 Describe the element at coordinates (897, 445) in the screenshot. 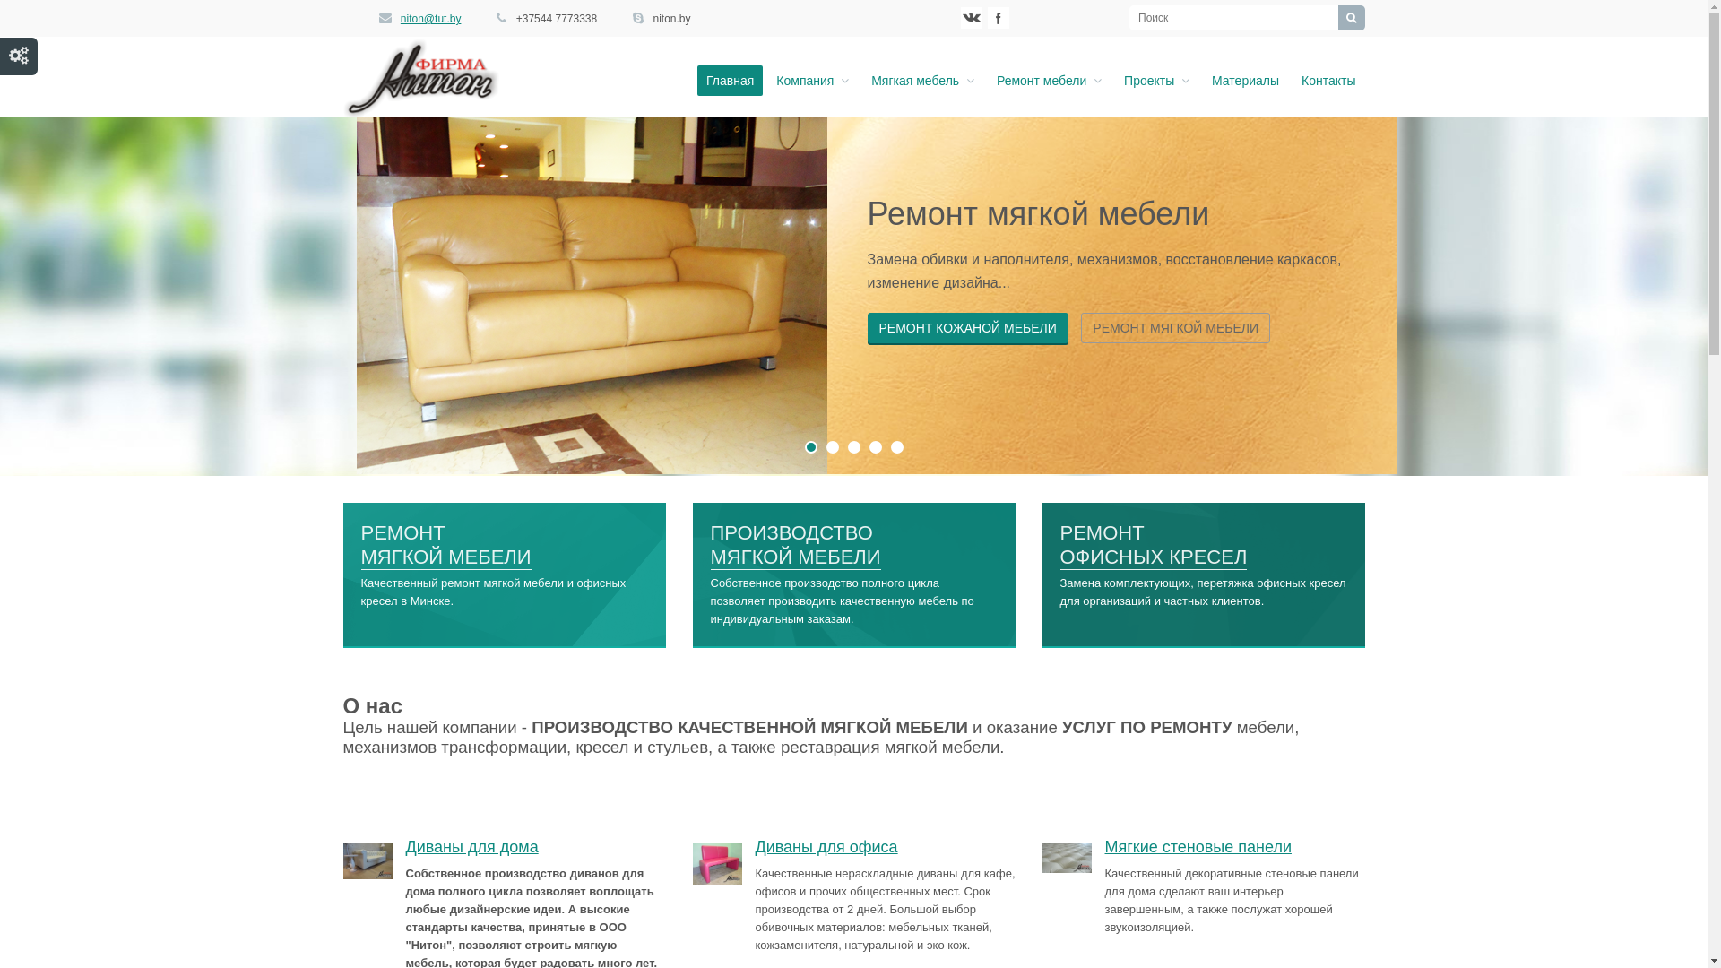

I see `'5'` at that location.